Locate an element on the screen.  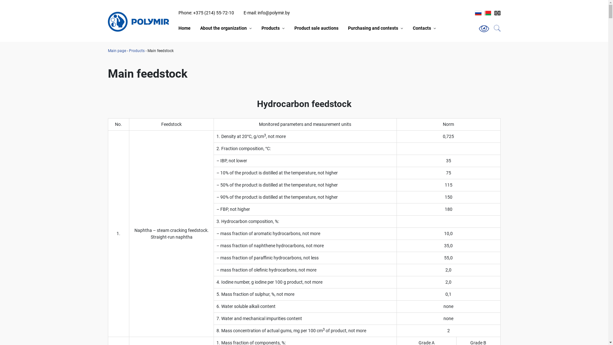
'Search' is located at coordinates (474, 27).